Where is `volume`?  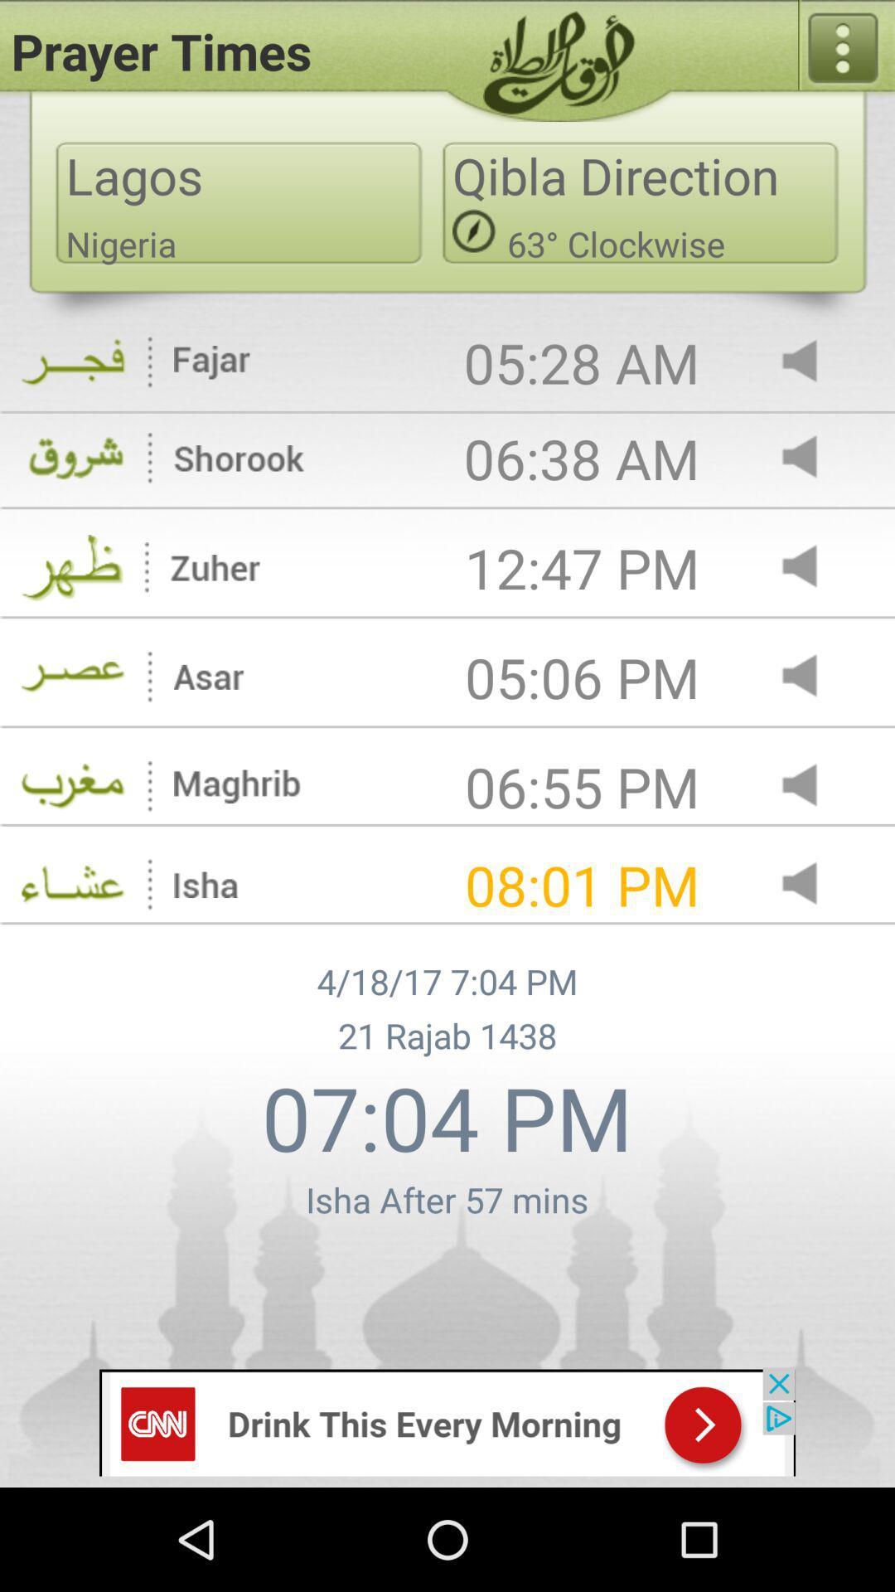 volume is located at coordinates (813, 568).